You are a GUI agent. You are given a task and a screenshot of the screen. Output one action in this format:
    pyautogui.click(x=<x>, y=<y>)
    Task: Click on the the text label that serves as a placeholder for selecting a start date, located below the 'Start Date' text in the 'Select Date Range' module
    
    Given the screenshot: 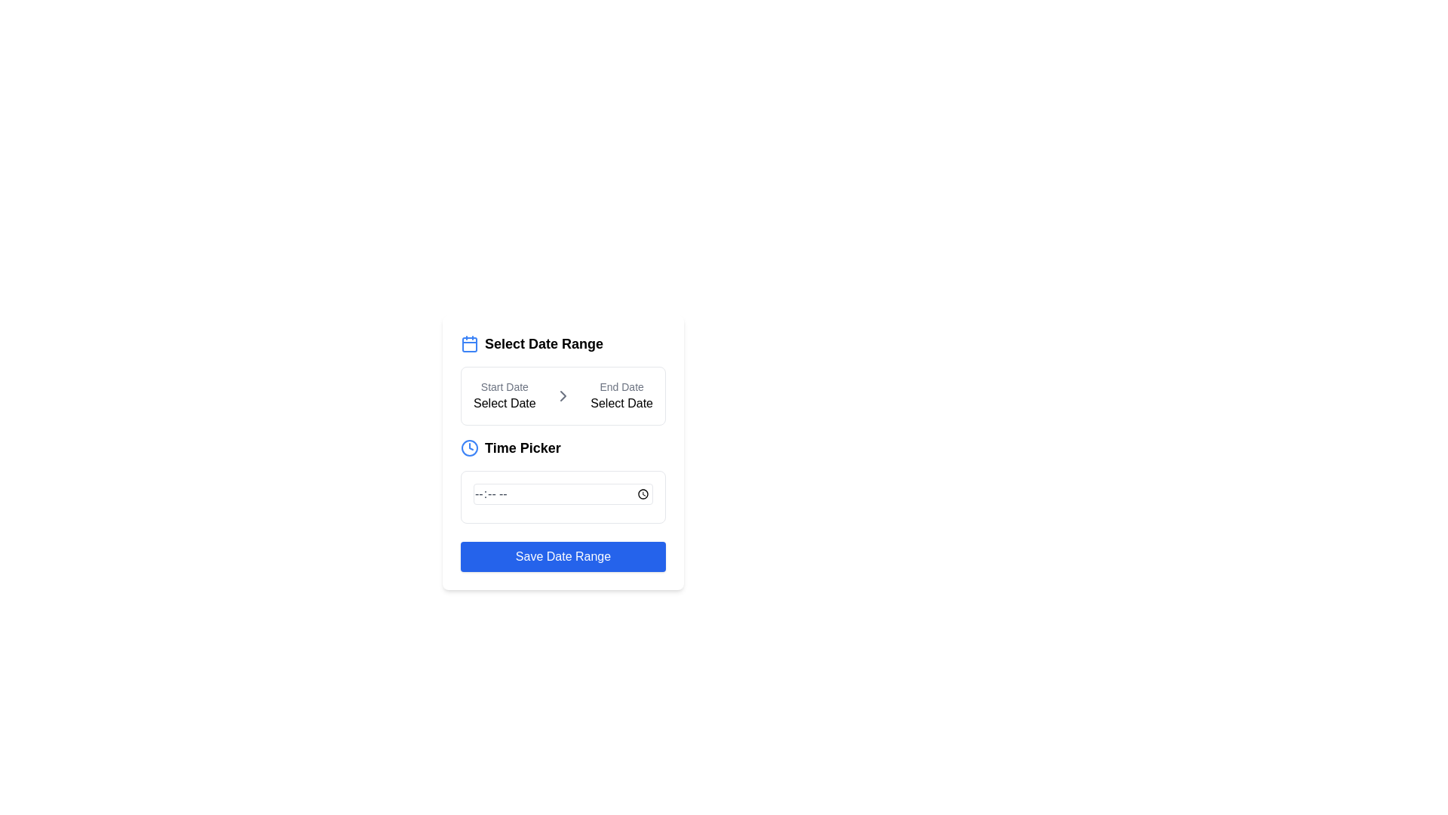 What is the action you would take?
    pyautogui.click(x=505, y=402)
    